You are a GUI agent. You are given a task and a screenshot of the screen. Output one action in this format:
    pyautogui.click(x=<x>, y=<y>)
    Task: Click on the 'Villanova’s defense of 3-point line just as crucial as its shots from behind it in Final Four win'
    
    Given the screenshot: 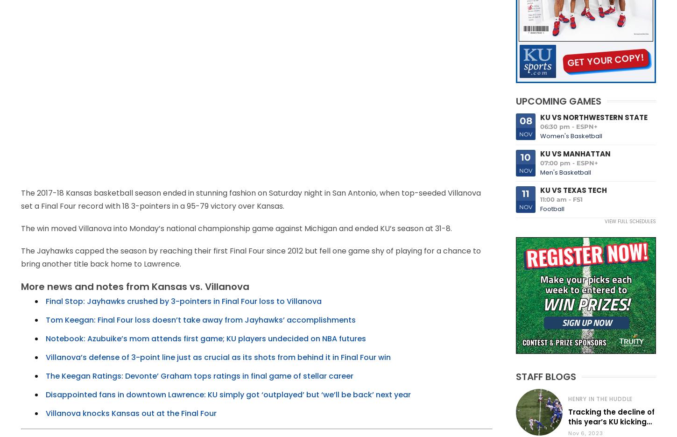 What is the action you would take?
    pyautogui.click(x=218, y=357)
    